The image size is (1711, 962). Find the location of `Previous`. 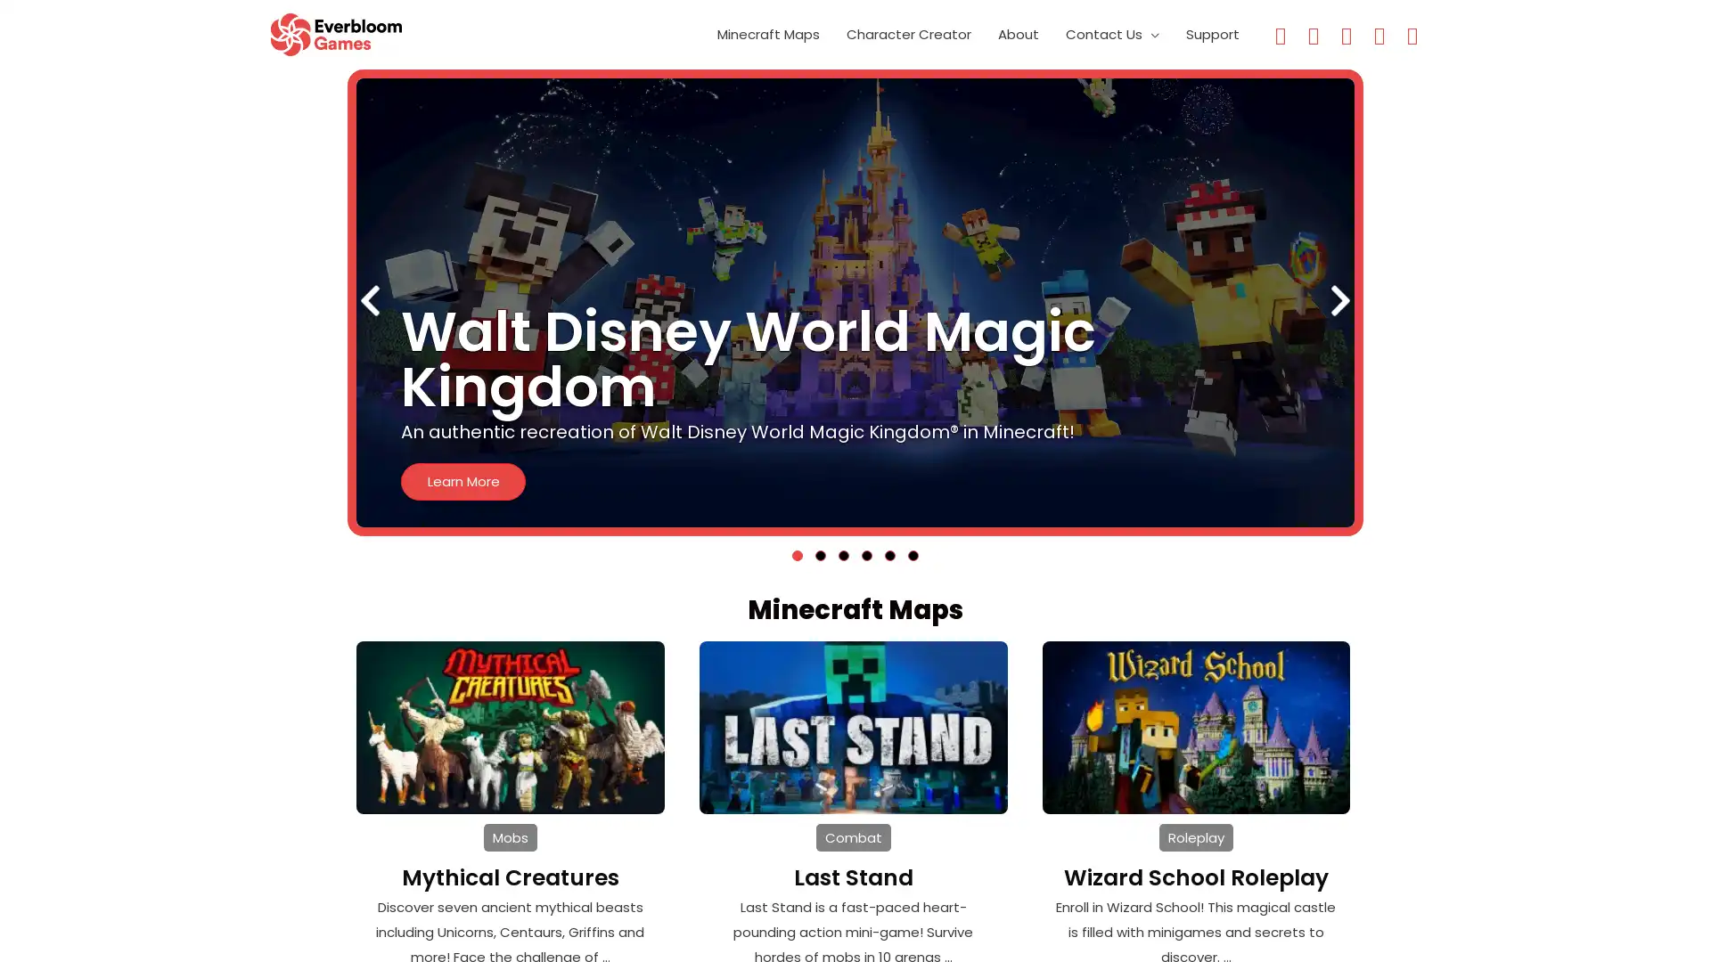

Previous is located at coordinates (368, 303).